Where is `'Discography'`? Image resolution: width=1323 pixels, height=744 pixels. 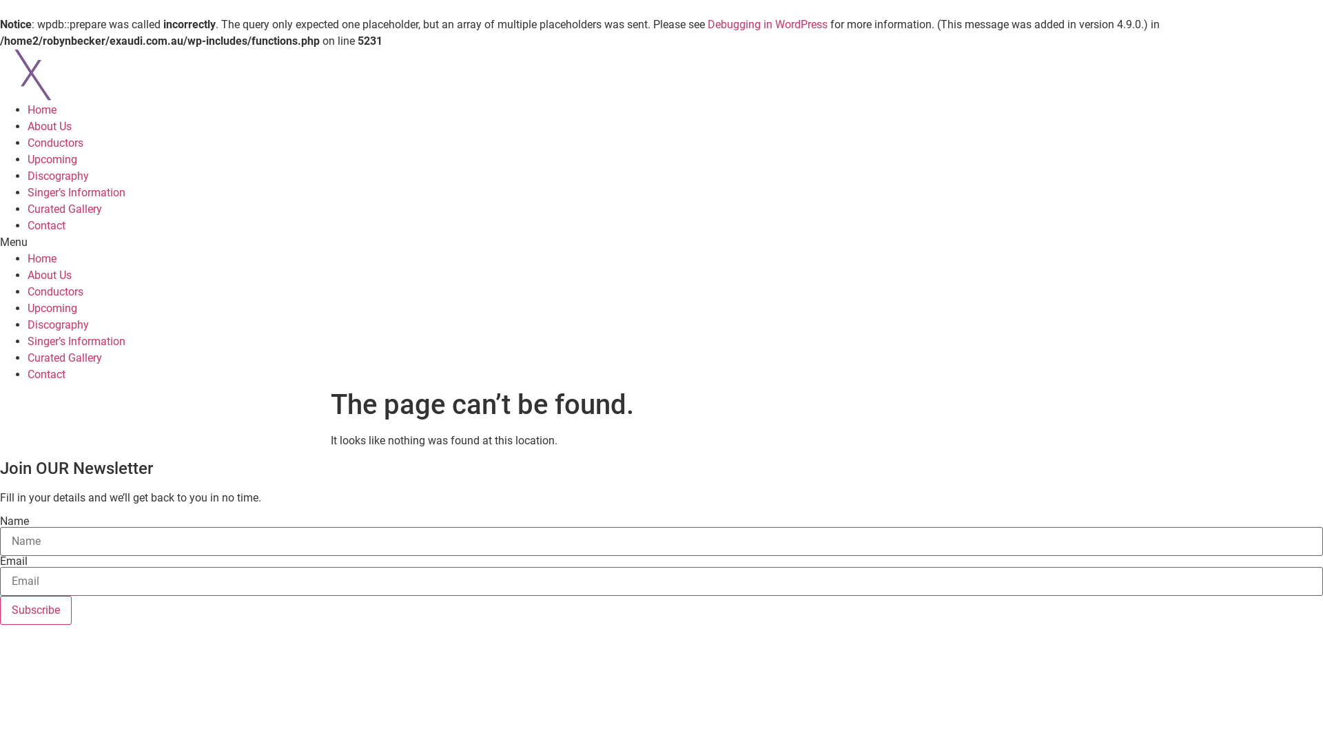 'Discography' is located at coordinates (27, 175).